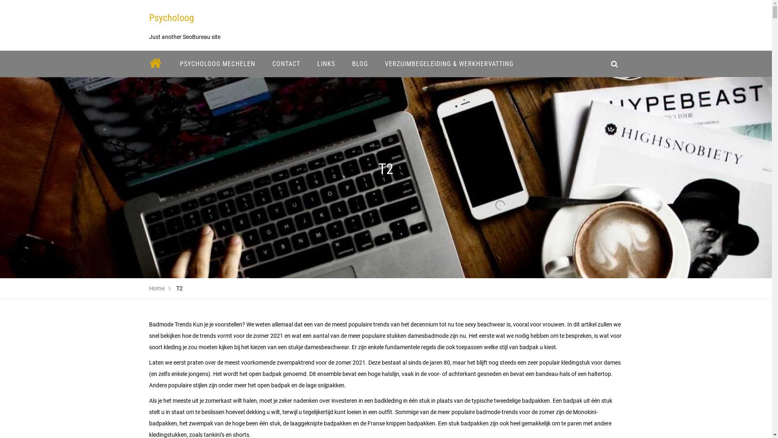 The height and width of the screenshot is (438, 778). What do you see at coordinates (359, 63) in the screenshot?
I see `'BLOG'` at bounding box center [359, 63].